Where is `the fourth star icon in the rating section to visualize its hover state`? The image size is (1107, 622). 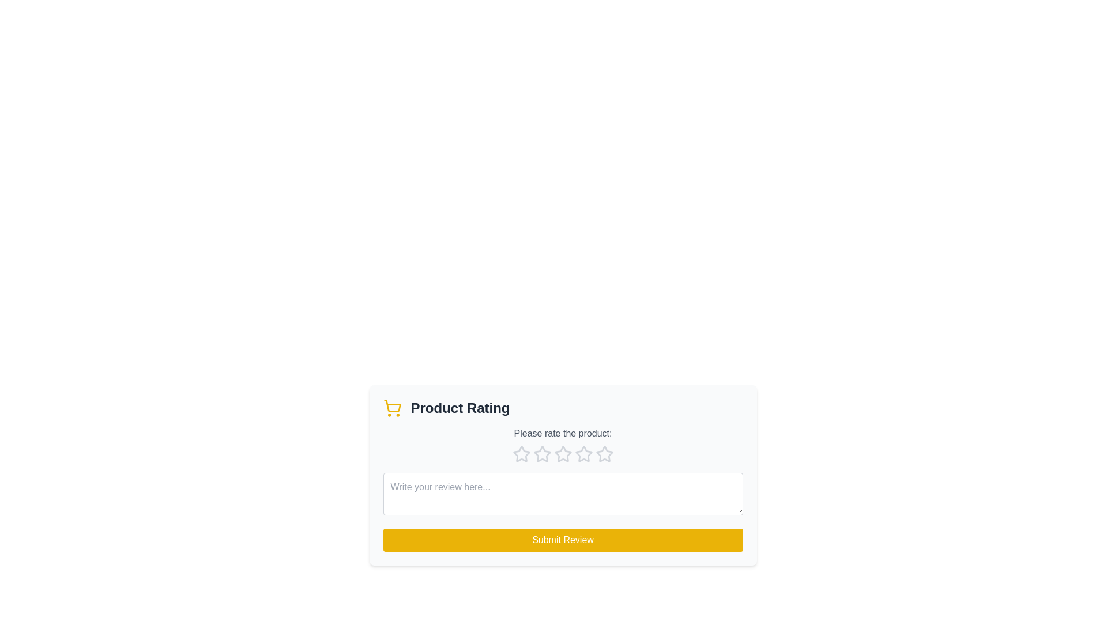
the fourth star icon in the rating section to visualize its hover state is located at coordinates (604, 453).